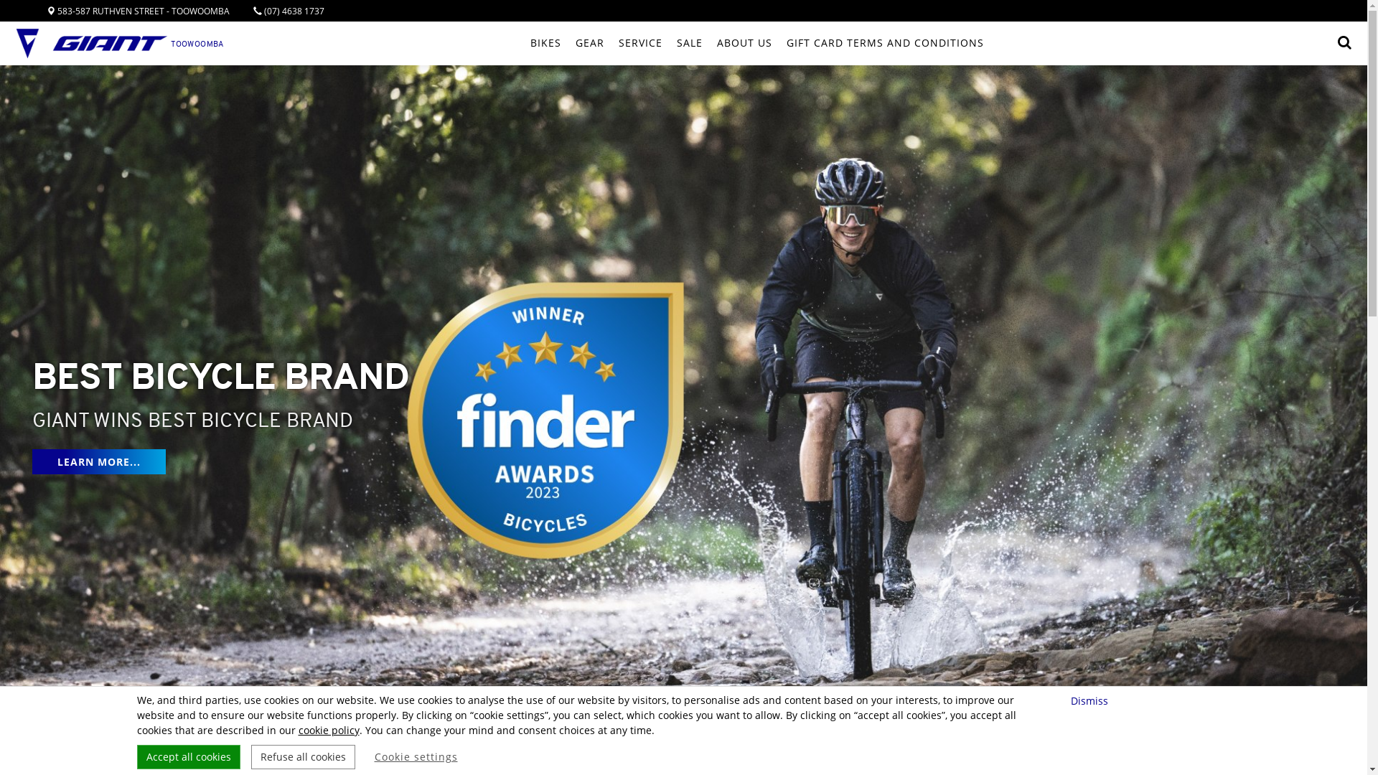 This screenshot has height=775, width=1378. What do you see at coordinates (744, 42) in the screenshot?
I see `'ABOUT US'` at bounding box center [744, 42].